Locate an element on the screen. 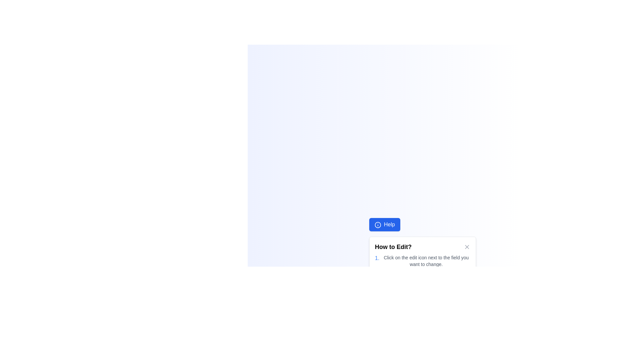  the circular informational icon with a white outline located within the blue 'Help' button near the bottom-right corner of the interface is located at coordinates (378, 225).